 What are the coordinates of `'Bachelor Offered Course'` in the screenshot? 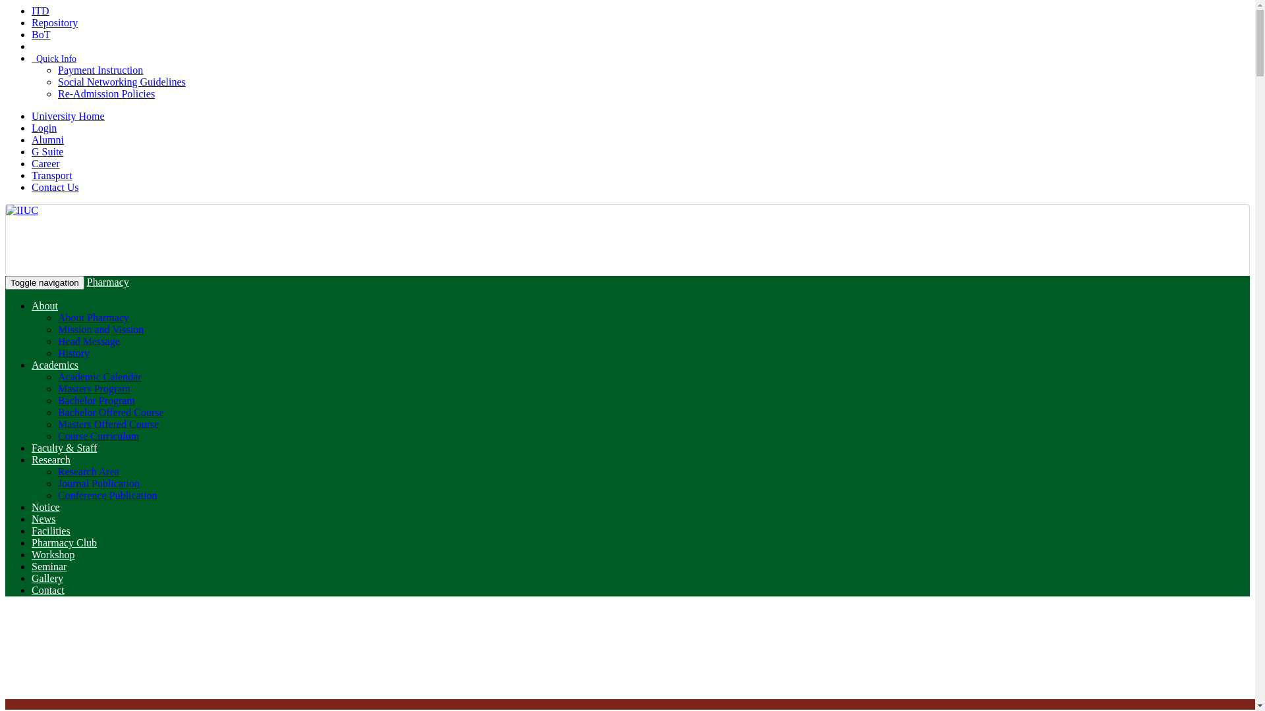 It's located at (111, 411).